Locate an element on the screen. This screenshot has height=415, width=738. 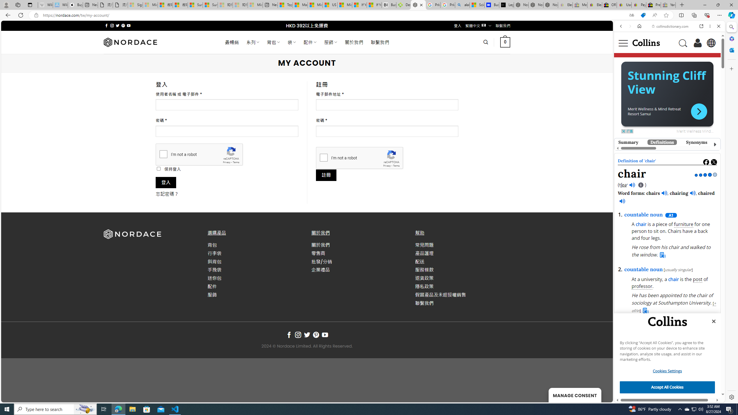
'Synonyms' is located at coordinates (696, 142).